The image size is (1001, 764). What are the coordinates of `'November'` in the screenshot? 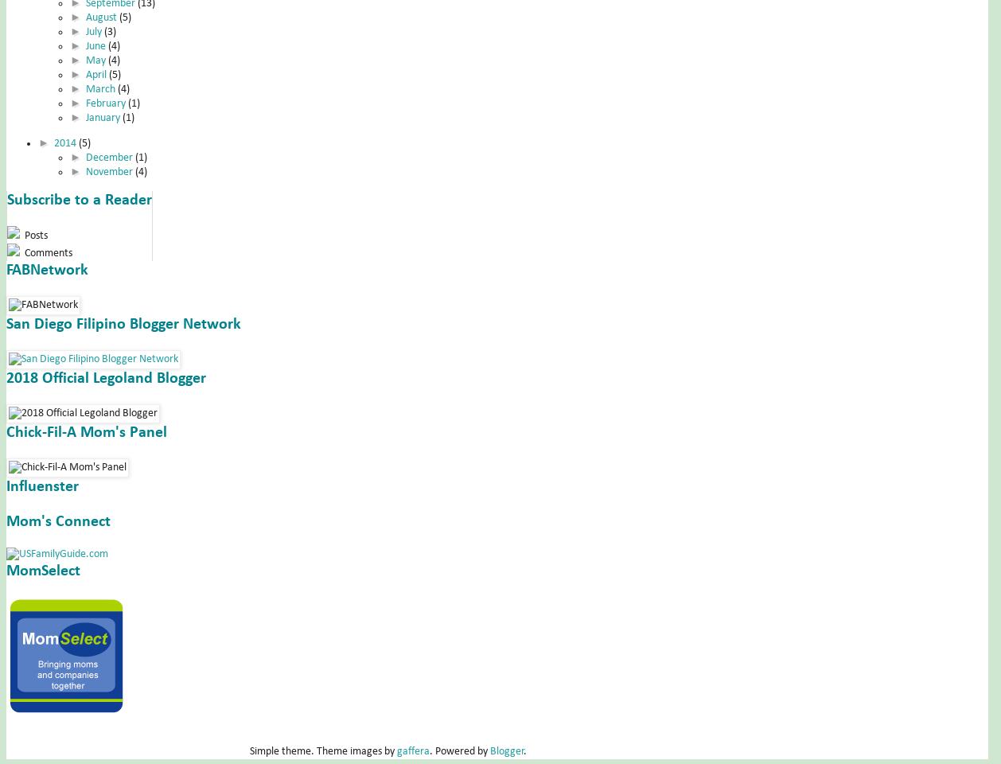 It's located at (110, 171).